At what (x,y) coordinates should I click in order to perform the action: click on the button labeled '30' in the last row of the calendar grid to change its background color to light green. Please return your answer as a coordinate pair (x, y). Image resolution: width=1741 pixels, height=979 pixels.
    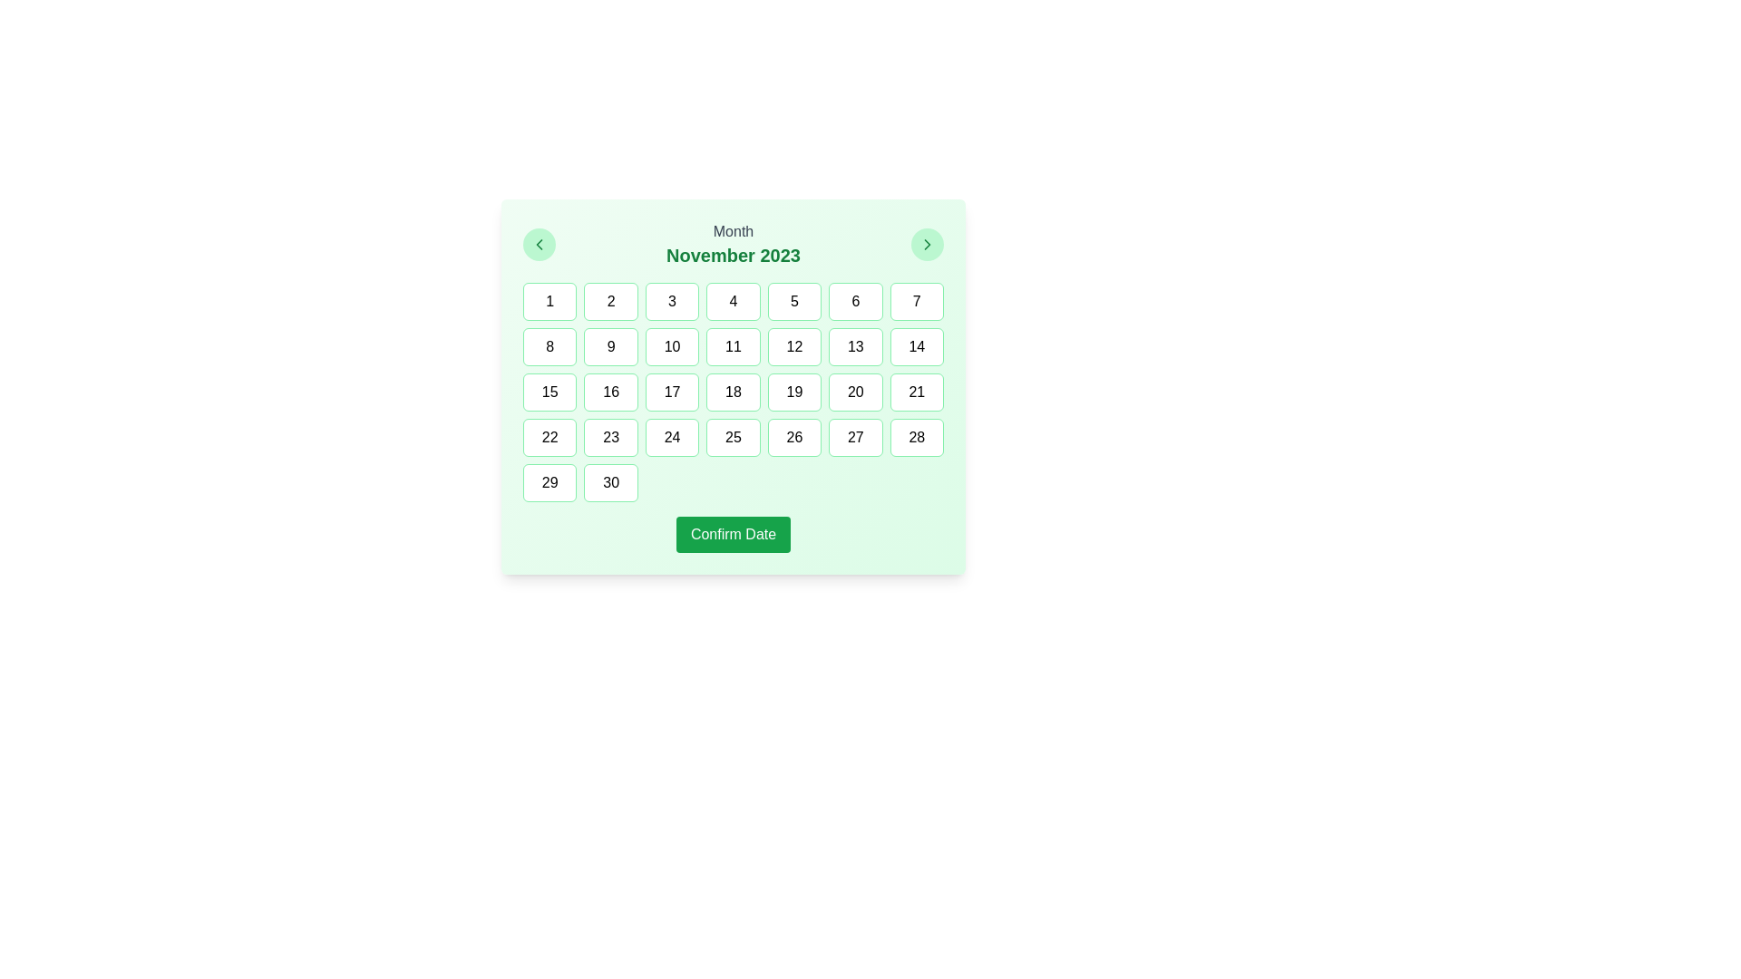
    Looking at the image, I should click on (611, 481).